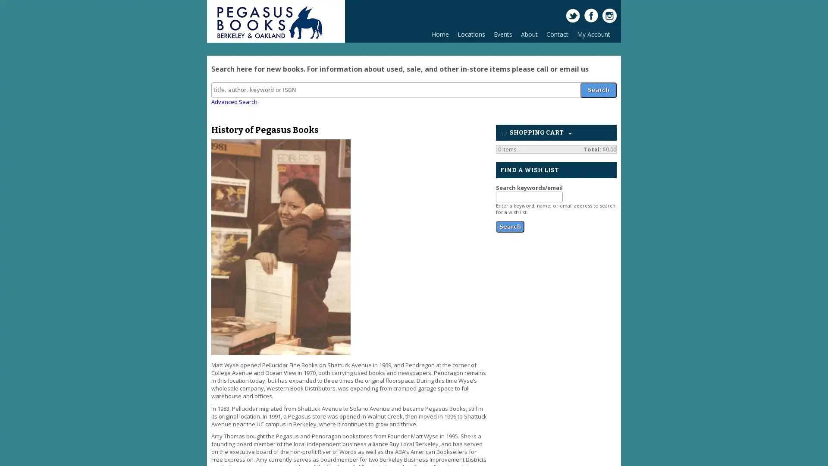  Describe the element at coordinates (510, 225) in the screenshot. I see `Search` at that location.